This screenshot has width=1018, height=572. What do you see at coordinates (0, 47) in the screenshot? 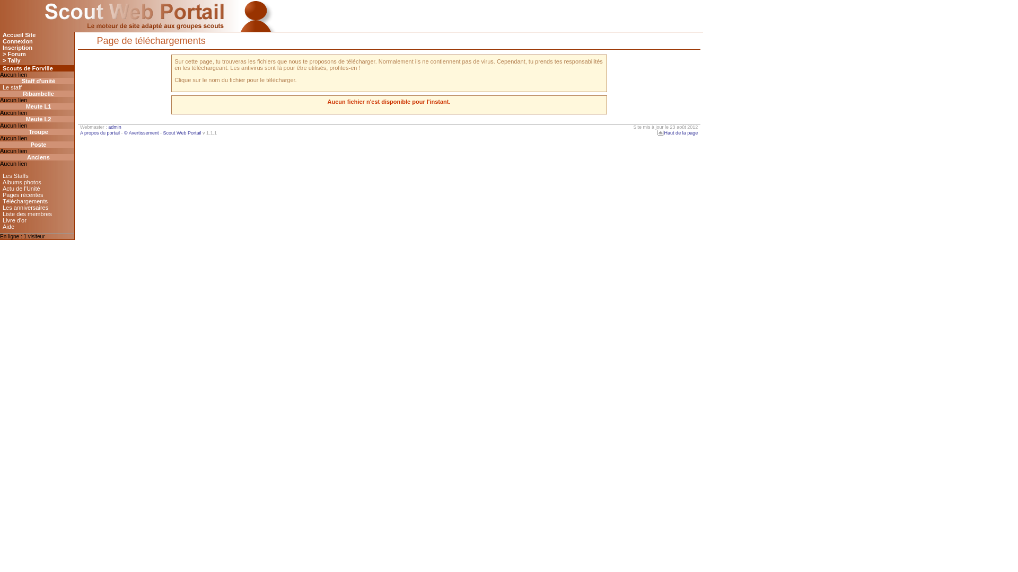
I see `'Inscription'` at bounding box center [0, 47].